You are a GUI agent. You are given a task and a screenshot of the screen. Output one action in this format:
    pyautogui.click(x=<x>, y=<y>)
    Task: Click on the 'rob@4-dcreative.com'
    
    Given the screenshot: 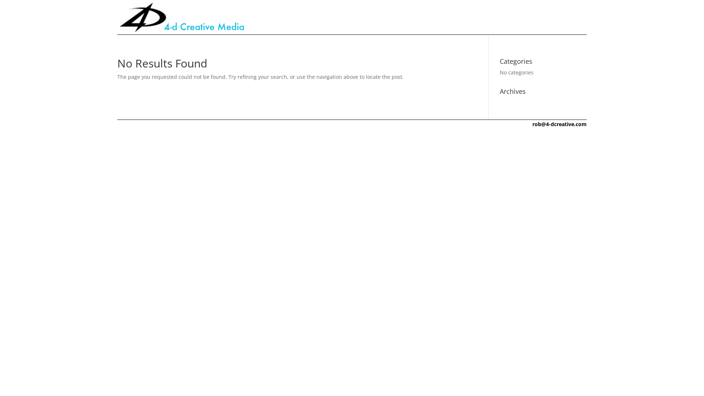 What is the action you would take?
    pyautogui.click(x=559, y=124)
    